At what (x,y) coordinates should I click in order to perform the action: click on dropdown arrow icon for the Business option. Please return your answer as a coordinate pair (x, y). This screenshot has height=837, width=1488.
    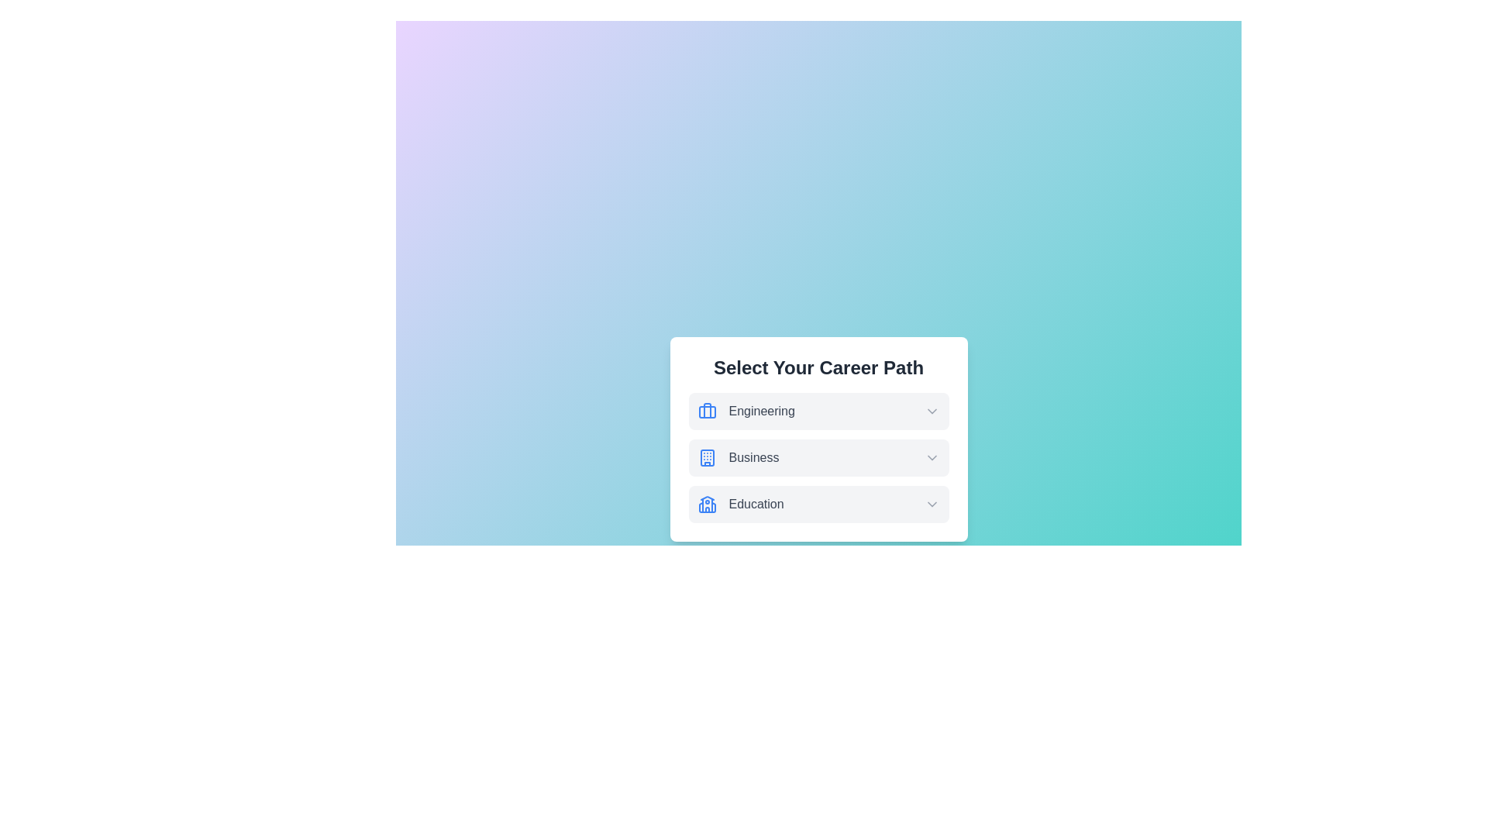
    Looking at the image, I should click on (931, 456).